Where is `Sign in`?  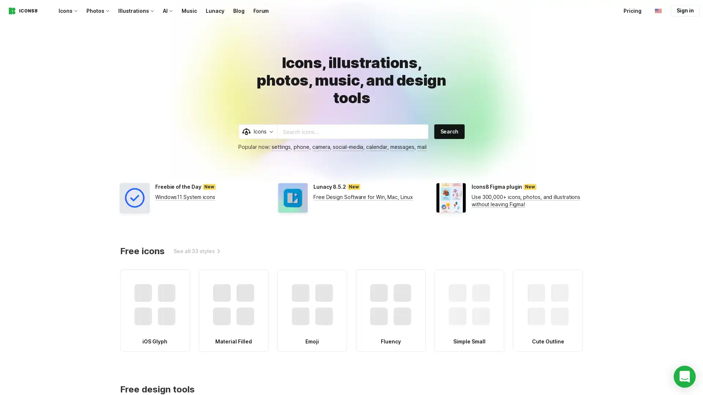 Sign in is located at coordinates (685, 11).